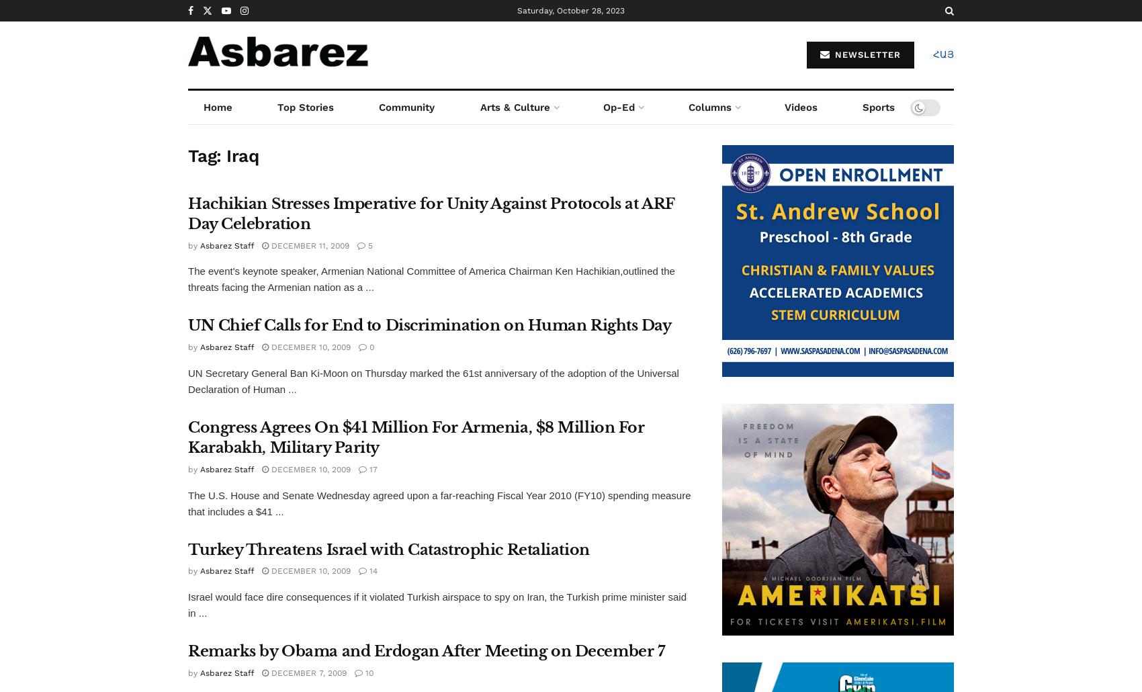 The height and width of the screenshot is (692, 1142). Describe the element at coordinates (433, 380) in the screenshot. I see `'UN Secretary General Ban Ki-Moon on Thursday marked the 61st anniversary of the adoption of the Universal Declaration of Human ...'` at that location.